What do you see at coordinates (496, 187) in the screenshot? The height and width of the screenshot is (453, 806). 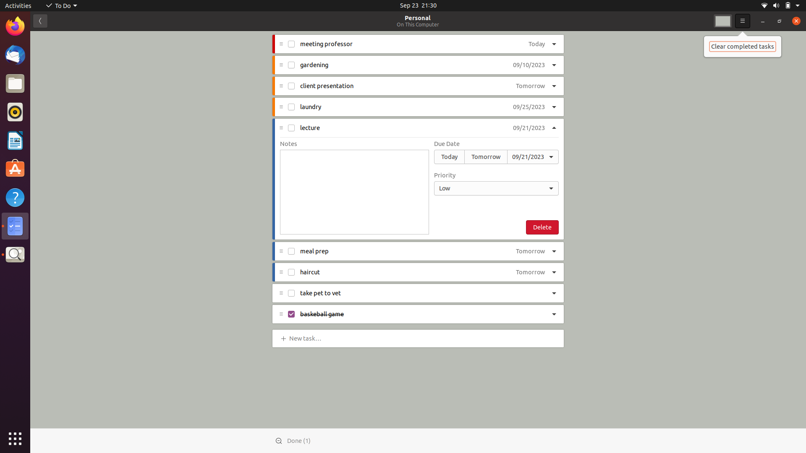 I see `Adjust the priority level of a lecture` at bounding box center [496, 187].